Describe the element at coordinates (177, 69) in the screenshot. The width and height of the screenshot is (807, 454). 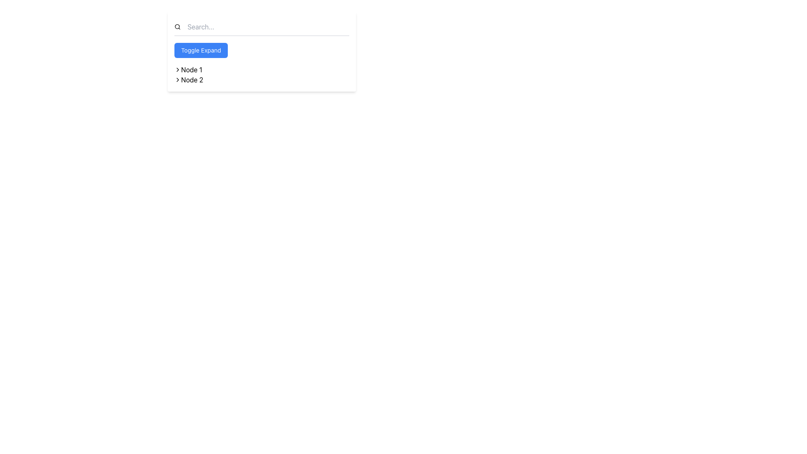
I see `the chevron arrow icon located on the left side of the list item labeled 'Node 1' for visual feedback` at that location.